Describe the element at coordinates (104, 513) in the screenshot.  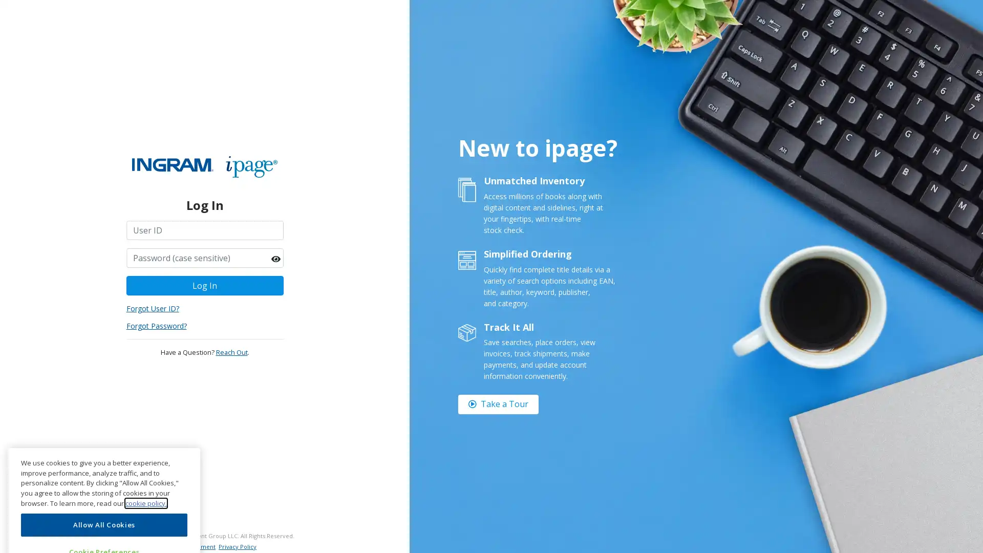
I see `Cookie Preferences` at that location.